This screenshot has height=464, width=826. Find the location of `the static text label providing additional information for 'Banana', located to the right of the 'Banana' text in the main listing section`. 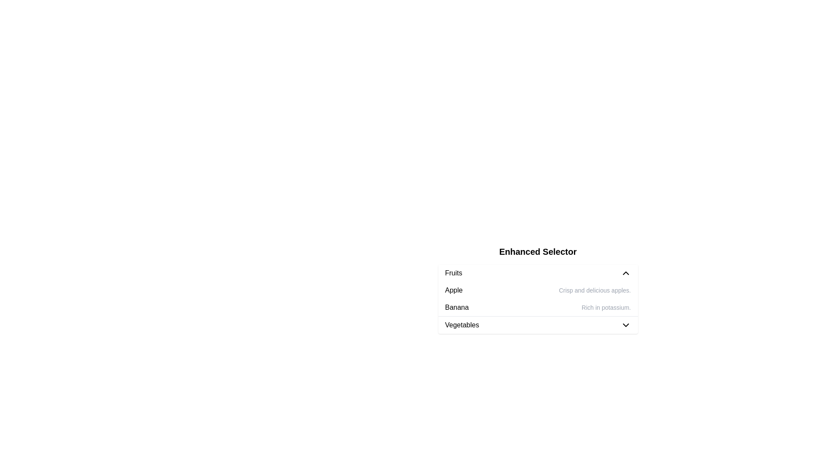

the static text label providing additional information for 'Banana', located to the right of the 'Banana' text in the main listing section is located at coordinates (606, 307).